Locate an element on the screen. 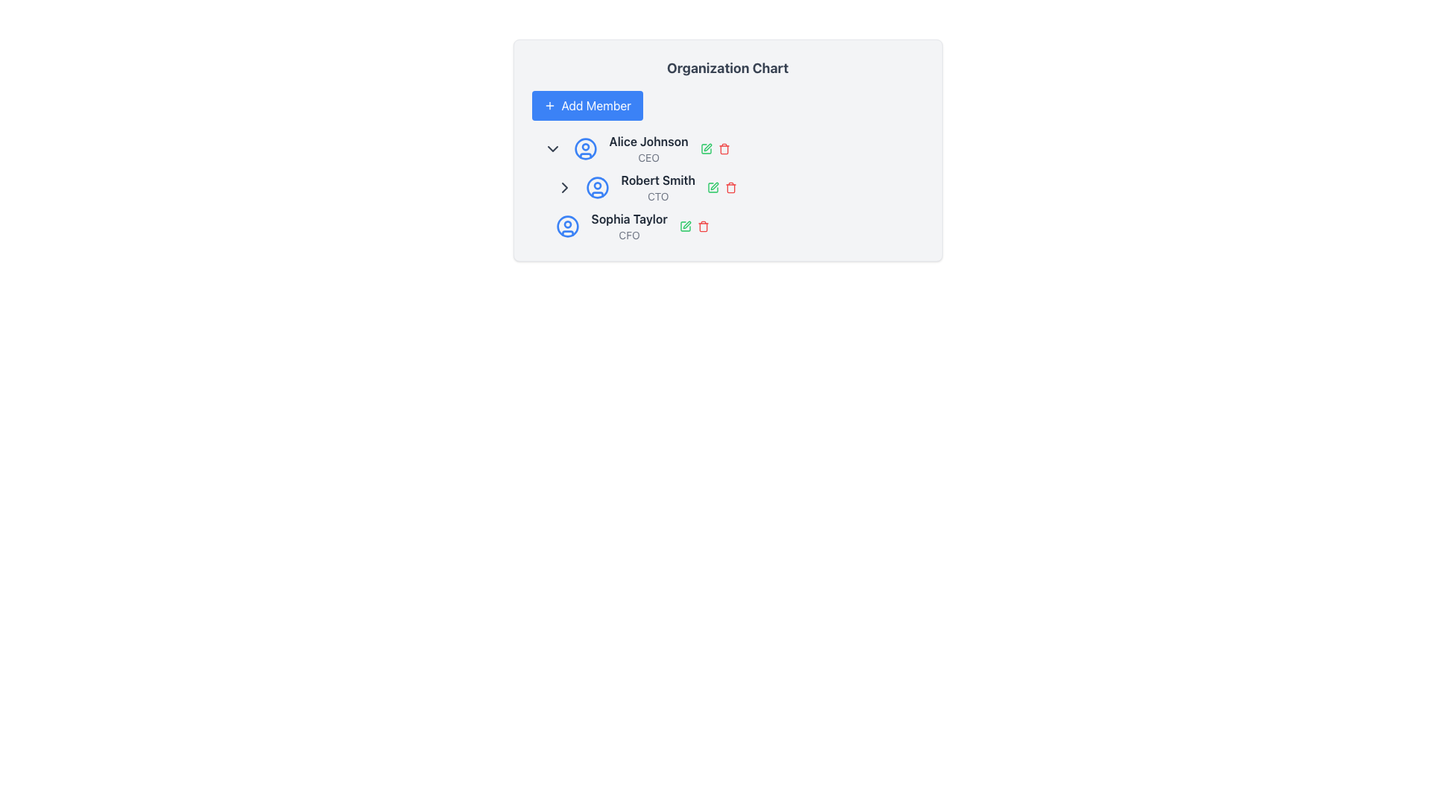 Image resolution: width=1431 pixels, height=805 pixels. the circular blue user profile avatar icon located to the immediate left of 'Alice Johnson' under the 'Organization Chart' section is located at coordinates (584, 149).